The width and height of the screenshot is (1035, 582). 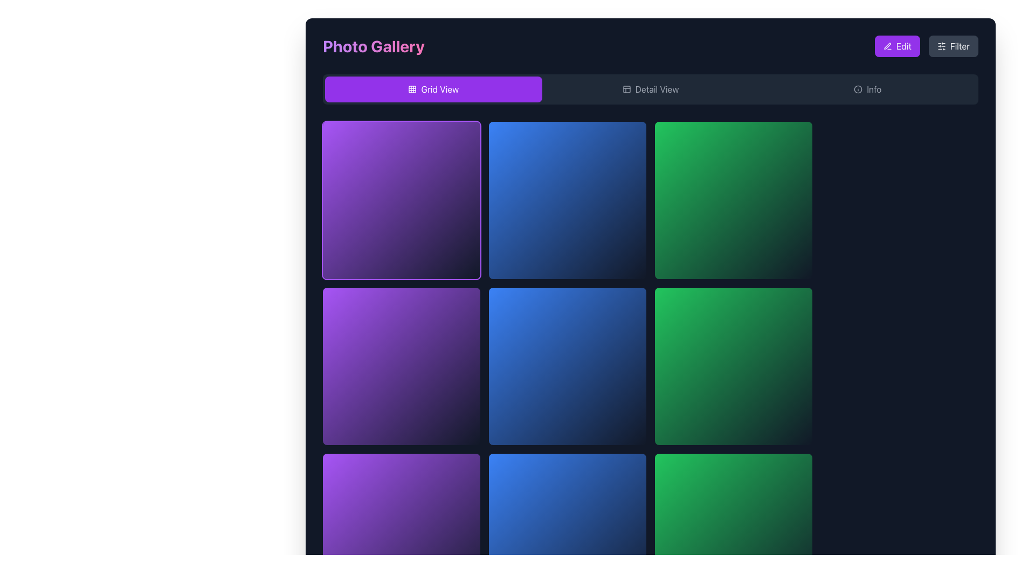 What do you see at coordinates (887, 45) in the screenshot?
I see `the SVG graphic icon integrated into the purple 'Edit' button located at the top-right corner of the application interface` at bounding box center [887, 45].